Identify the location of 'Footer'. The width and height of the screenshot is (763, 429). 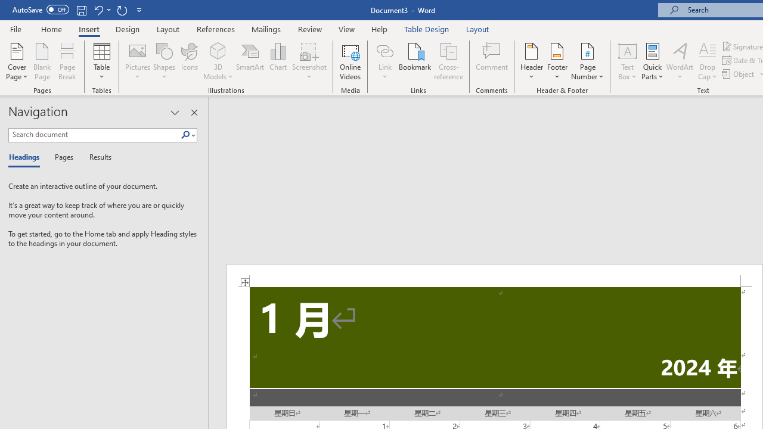
(557, 61).